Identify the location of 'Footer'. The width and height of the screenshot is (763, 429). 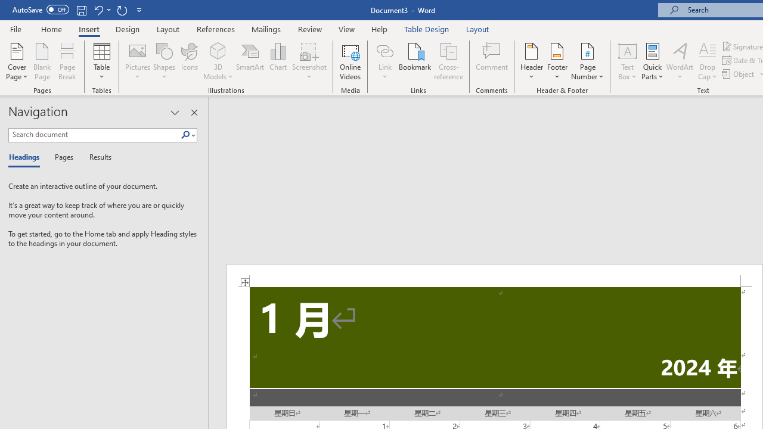
(557, 61).